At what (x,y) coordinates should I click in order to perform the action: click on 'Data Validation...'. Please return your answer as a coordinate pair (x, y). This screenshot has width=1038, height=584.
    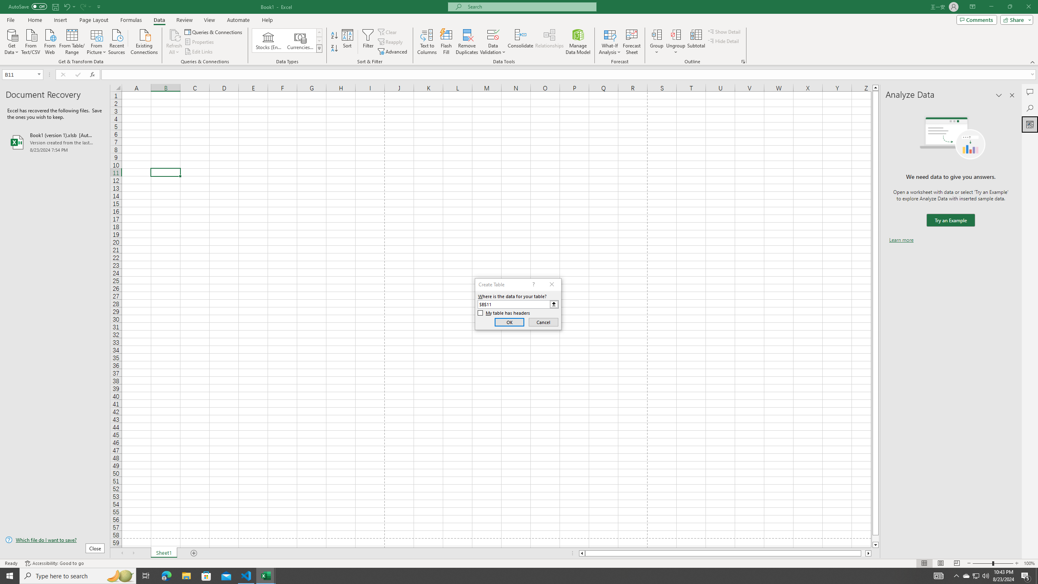
    Looking at the image, I should click on (493, 34).